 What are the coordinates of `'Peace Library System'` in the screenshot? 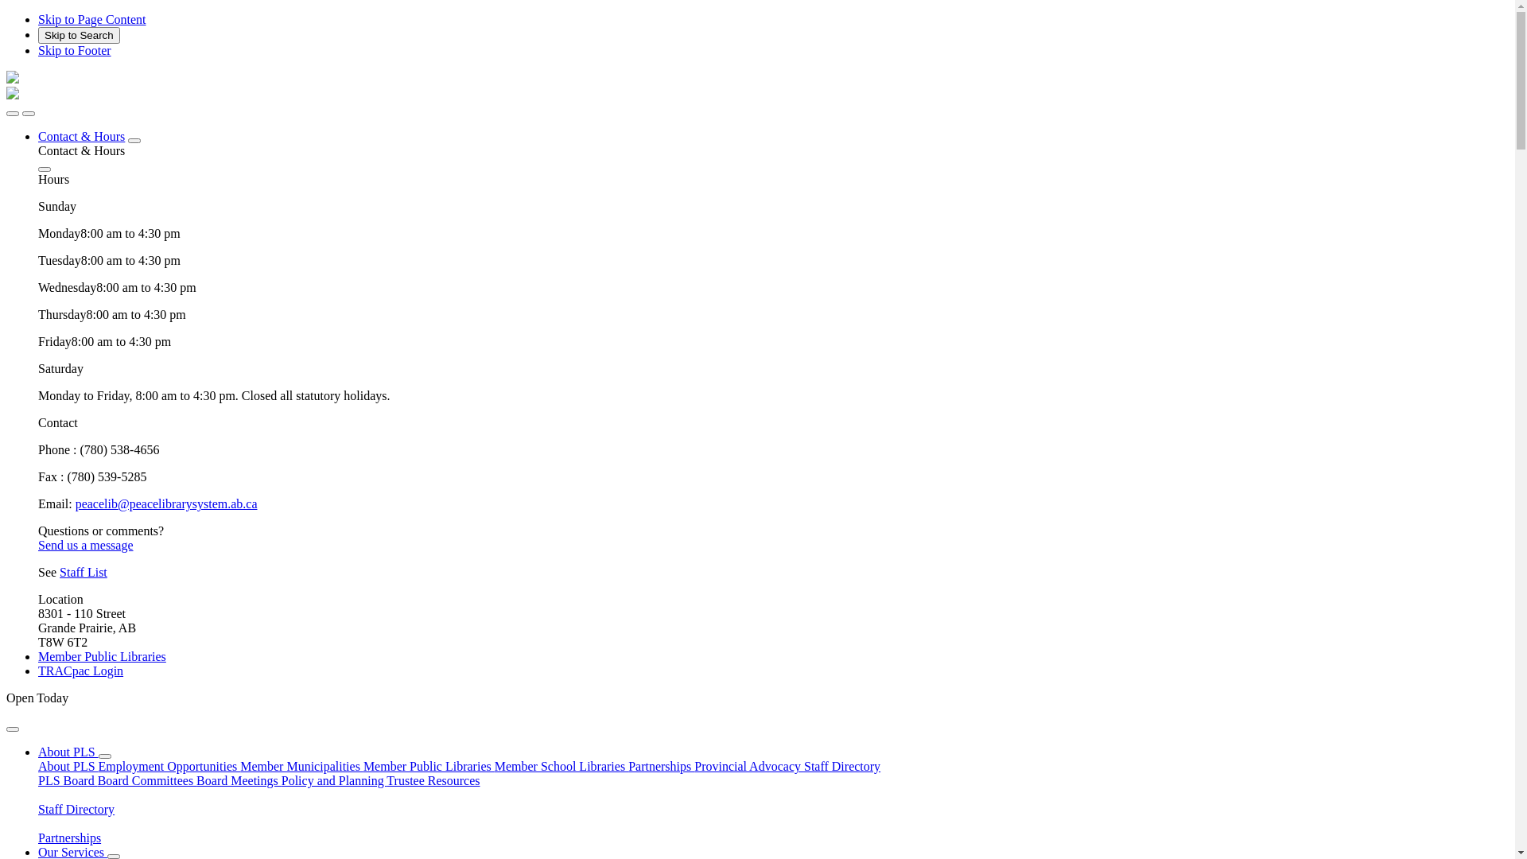 It's located at (6, 95).